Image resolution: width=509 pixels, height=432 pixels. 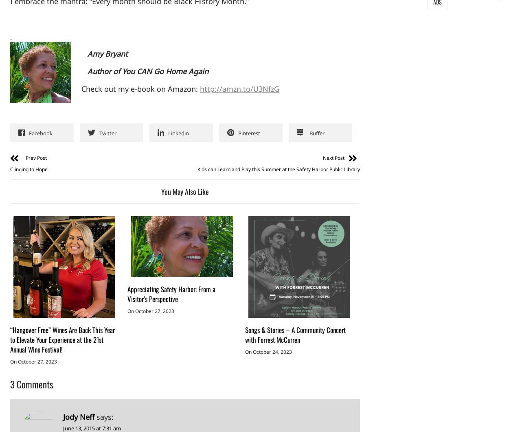 I want to click on '“Hangover Free” Wines Are Back This Year to Elevate Your Experience at the 21st Annual Wine Festival!', so click(x=62, y=339).